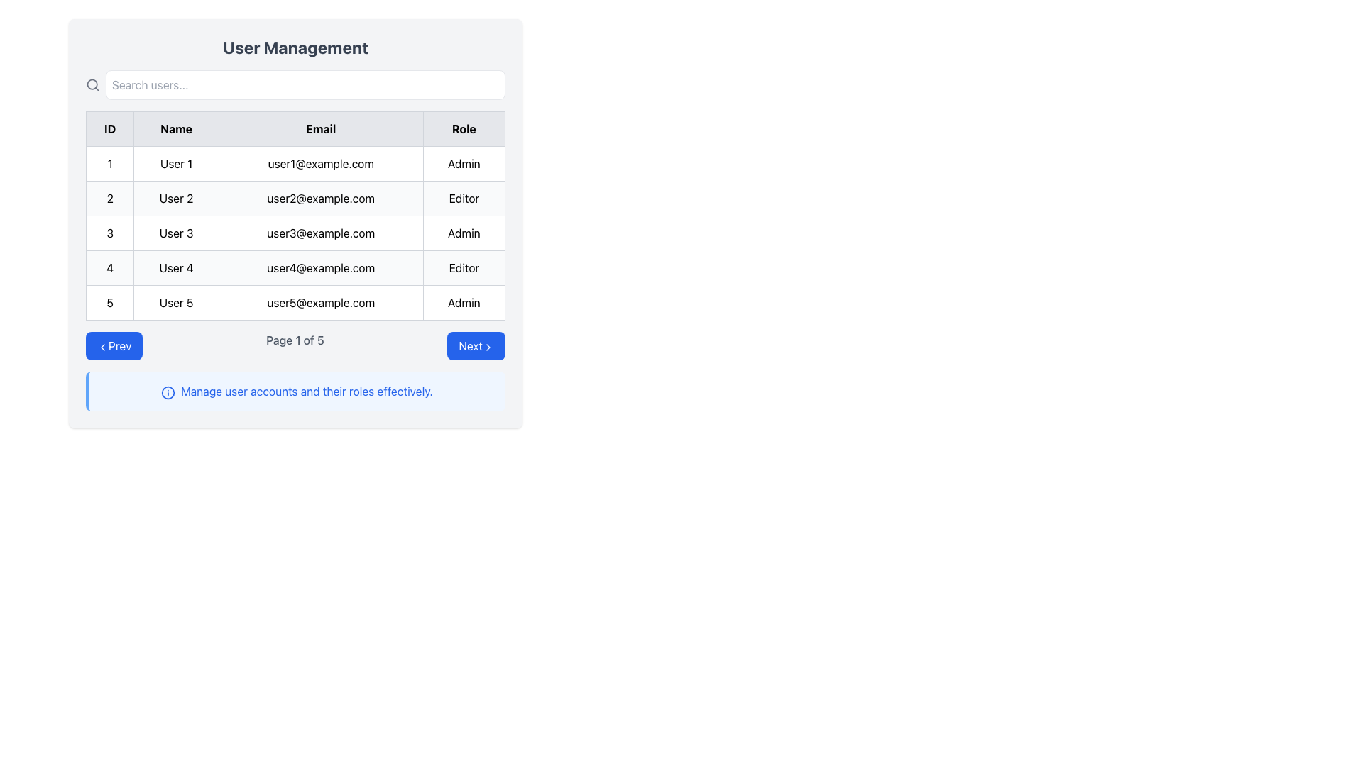  Describe the element at coordinates (295, 391) in the screenshot. I see `the Informational Box located at the bottom of the user management interface, which provides guidance on managing user accounts and roles` at that location.